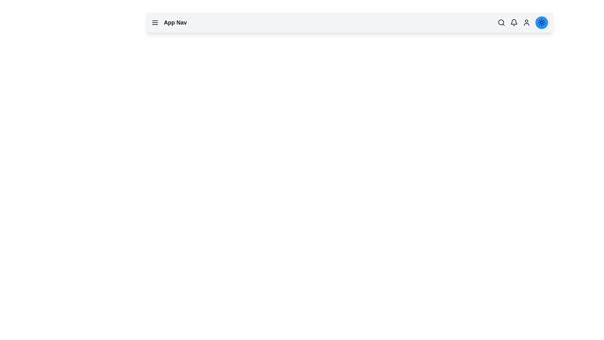  I want to click on the user icon to access profile options, so click(527, 22).